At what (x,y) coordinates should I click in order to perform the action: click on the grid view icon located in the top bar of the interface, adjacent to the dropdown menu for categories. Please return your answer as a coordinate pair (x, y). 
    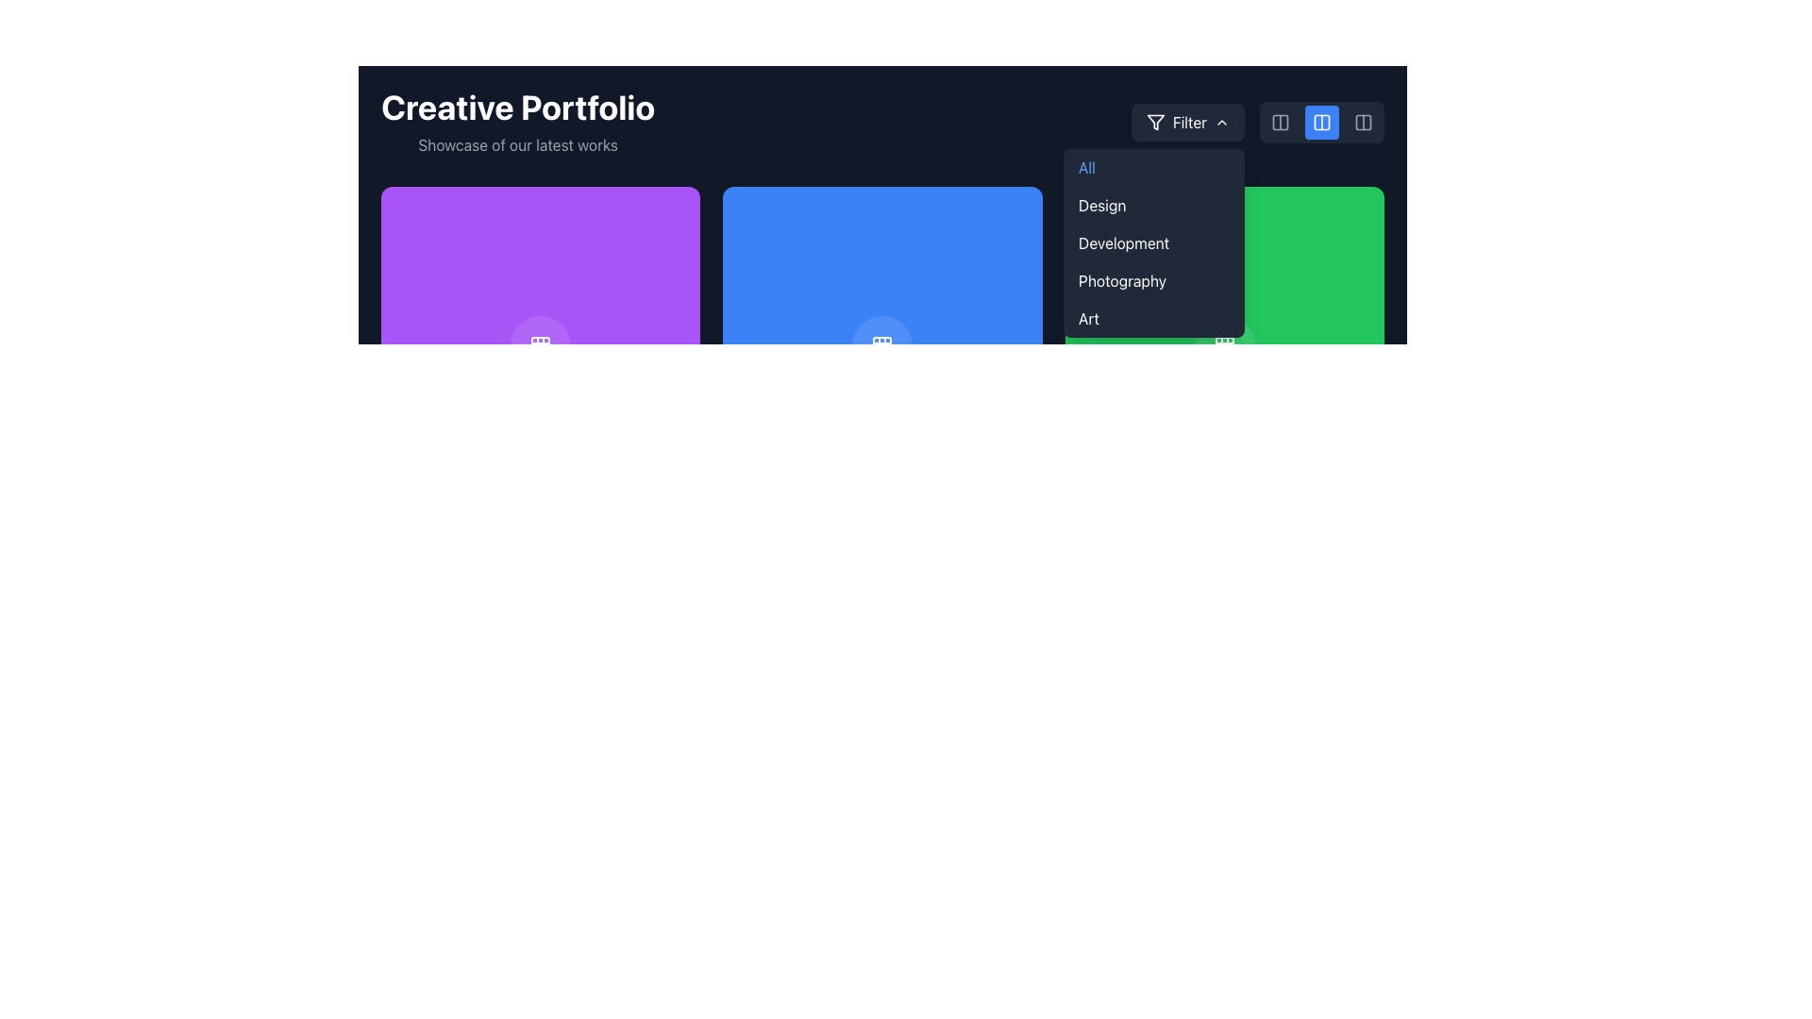
    Looking at the image, I should click on (1224, 346).